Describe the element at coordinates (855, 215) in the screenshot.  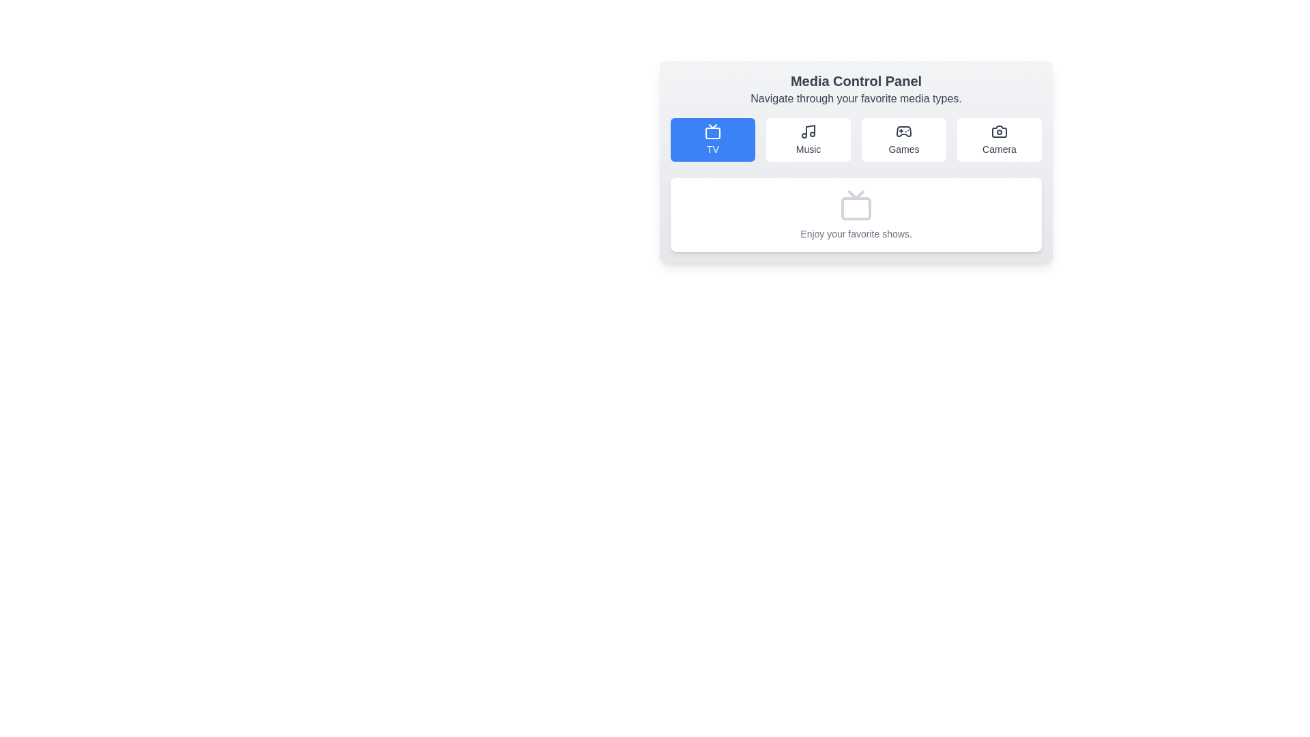
I see `the informational panel that displays a brief message about enjoying favorite shows, located below the media buttons 'TV,' 'Music,' 'Games,' and 'Camera.'` at that location.